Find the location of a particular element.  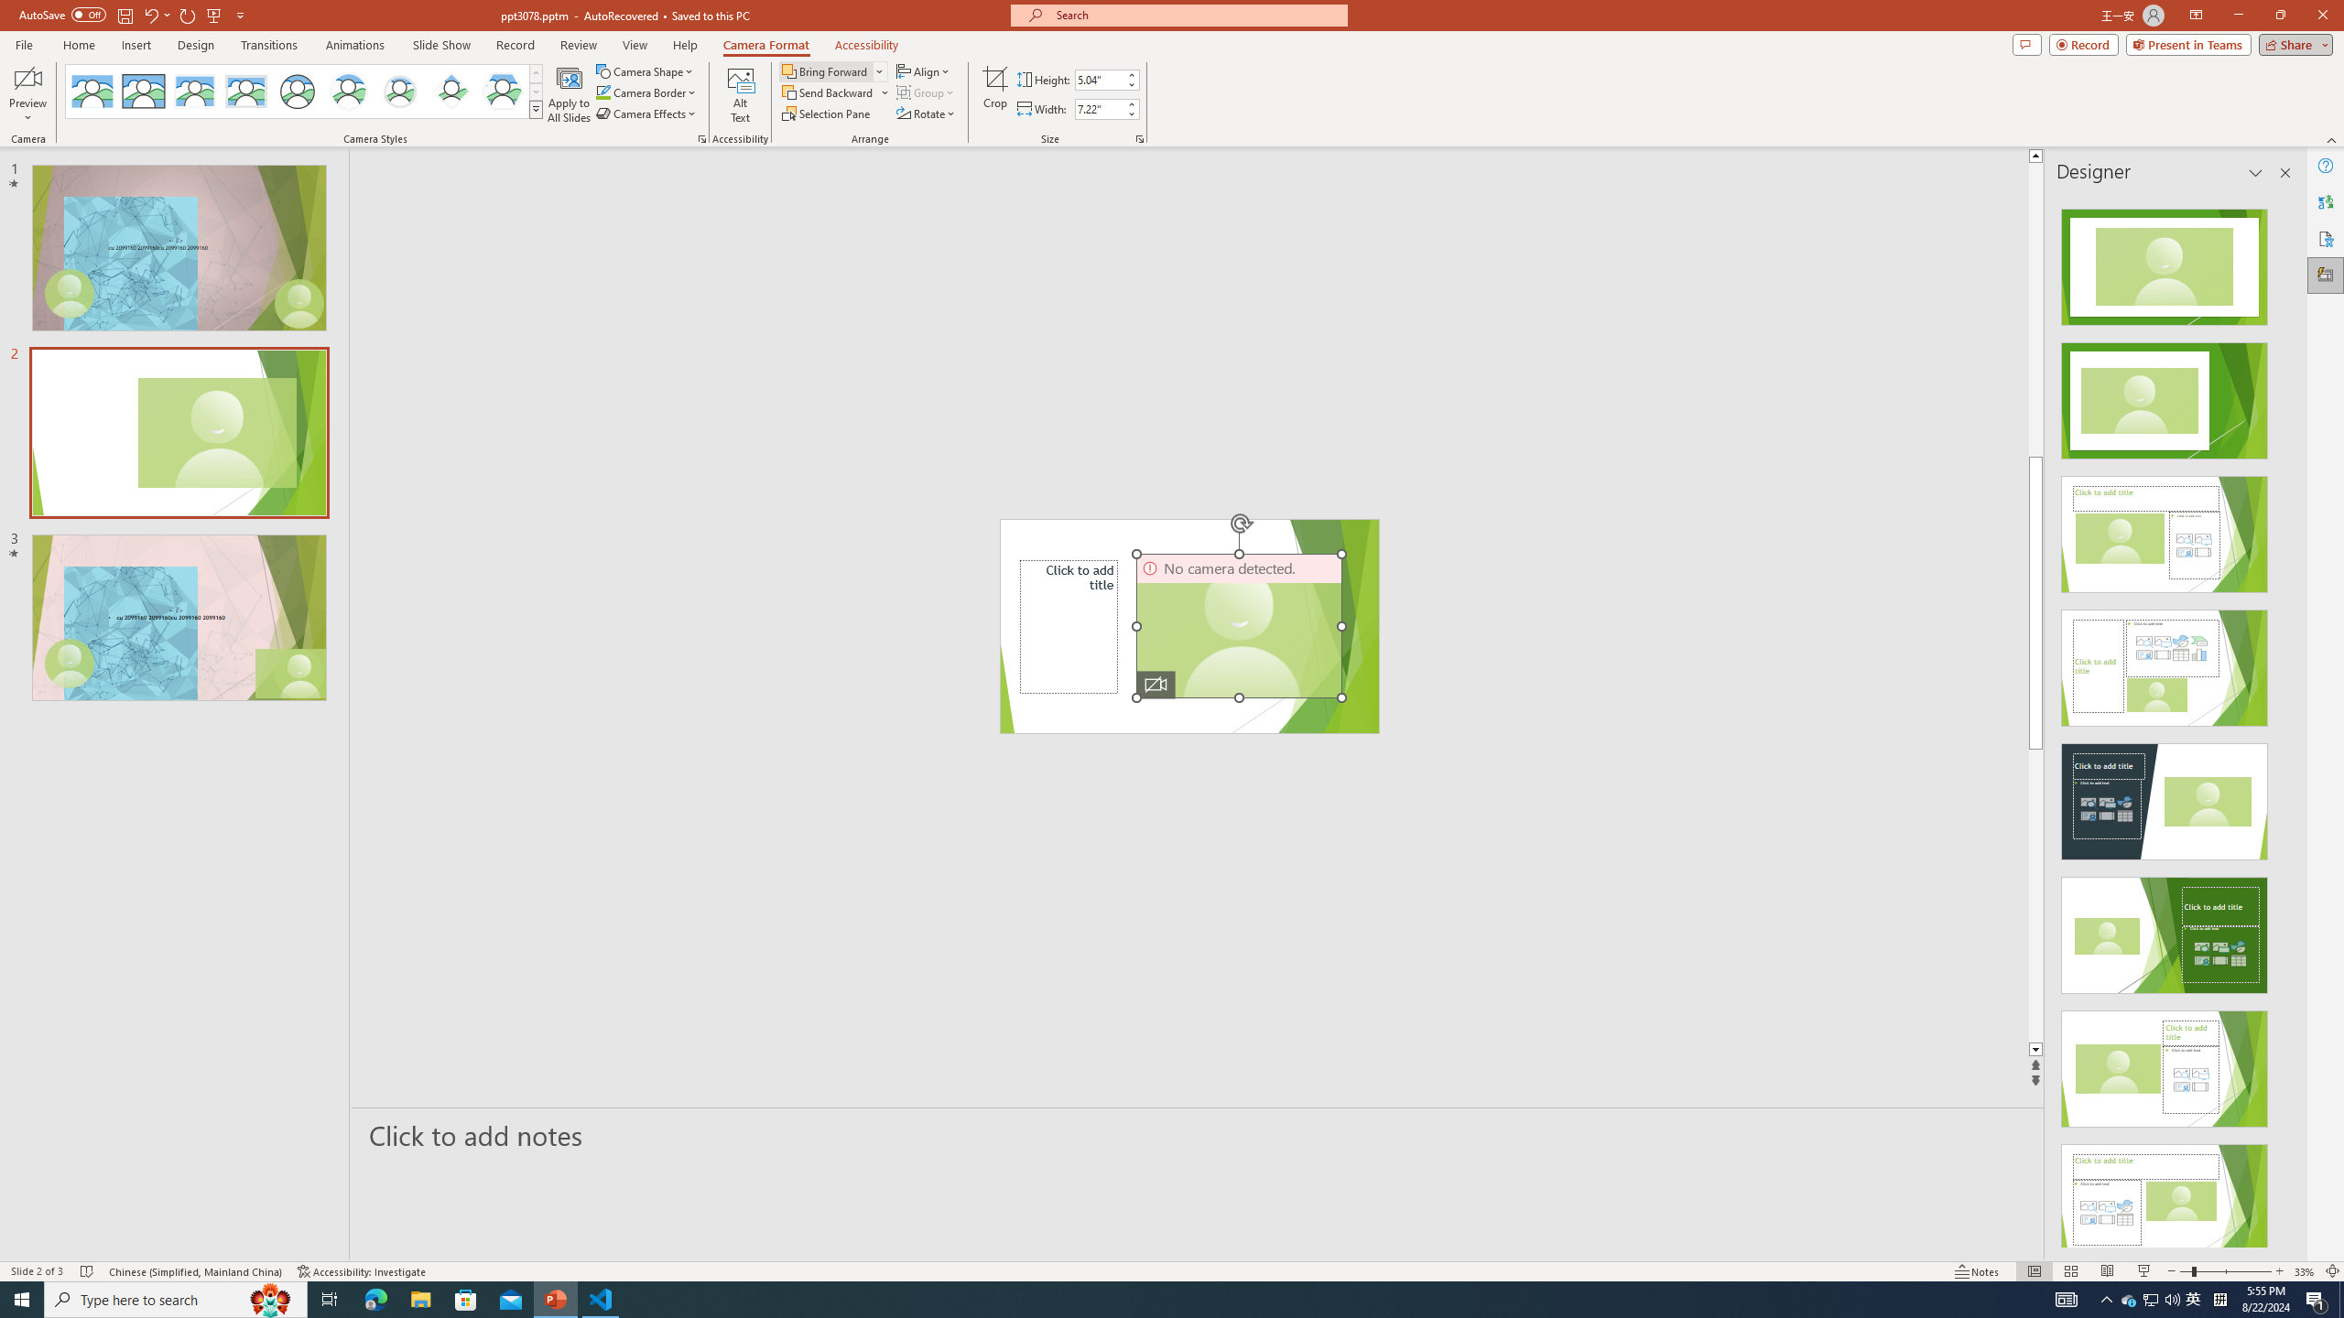

'Camera Styles' is located at coordinates (537, 108).